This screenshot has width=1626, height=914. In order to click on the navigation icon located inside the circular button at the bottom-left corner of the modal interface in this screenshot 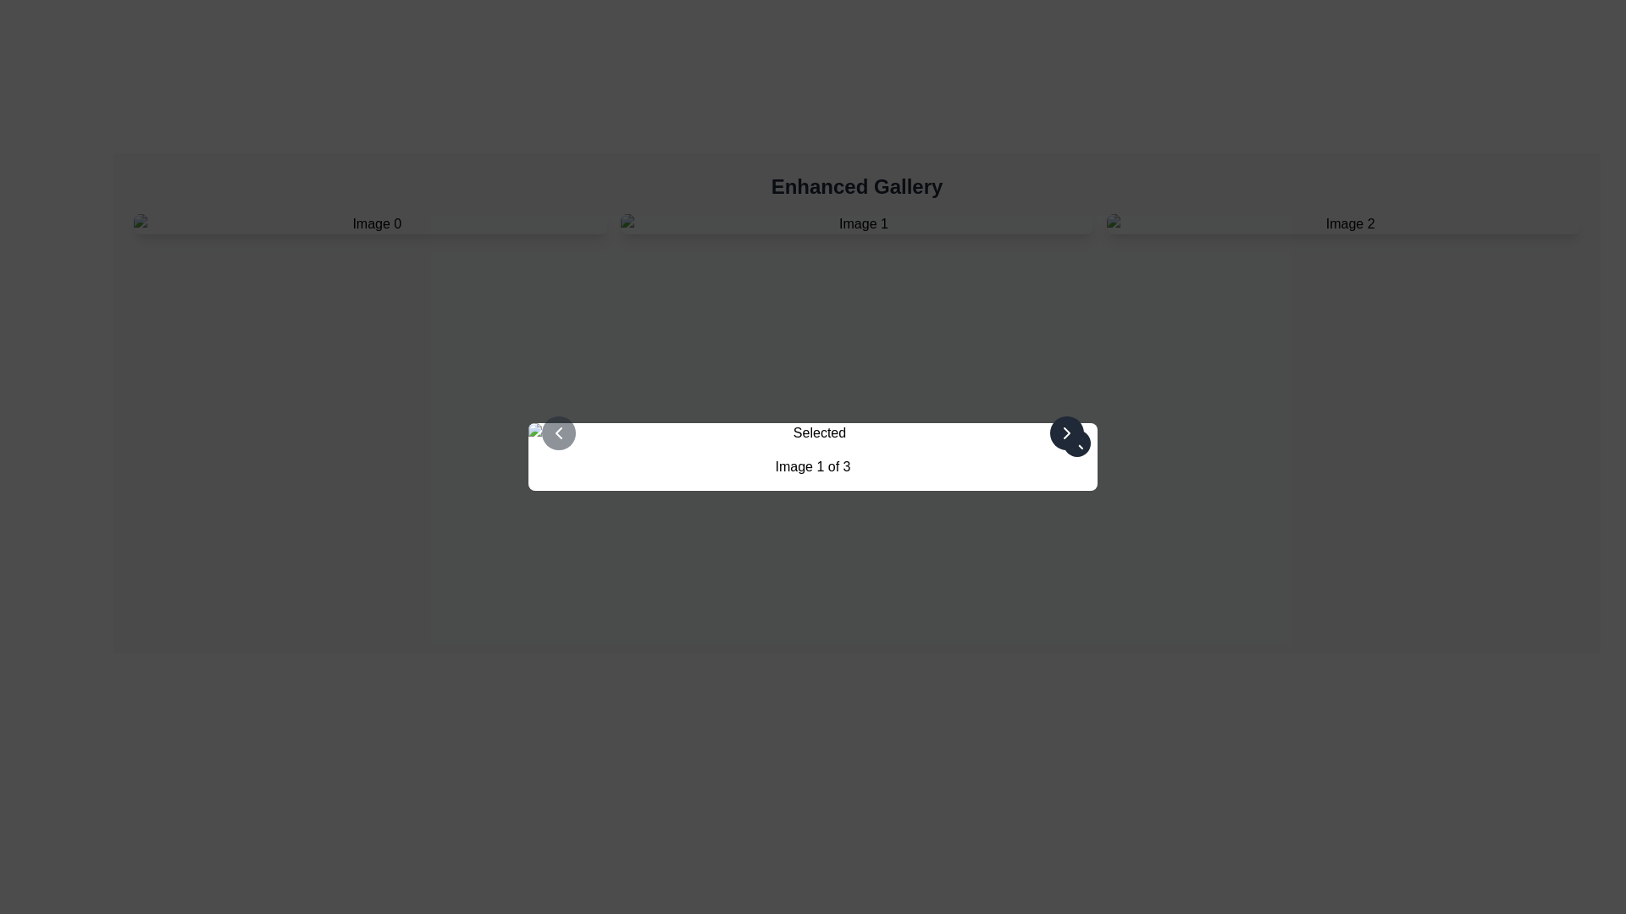, I will do `click(559, 432)`.